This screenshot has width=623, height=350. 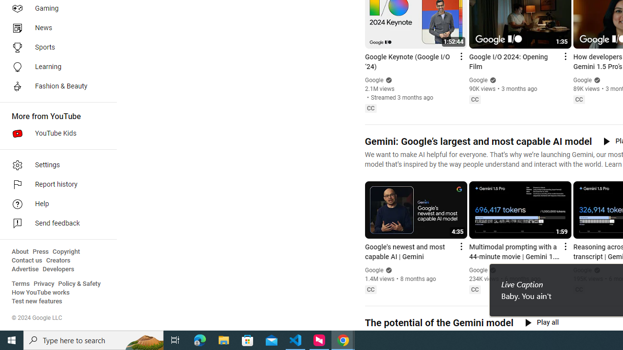 What do you see at coordinates (55, 66) in the screenshot?
I see `'Learning'` at bounding box center [55, 66].